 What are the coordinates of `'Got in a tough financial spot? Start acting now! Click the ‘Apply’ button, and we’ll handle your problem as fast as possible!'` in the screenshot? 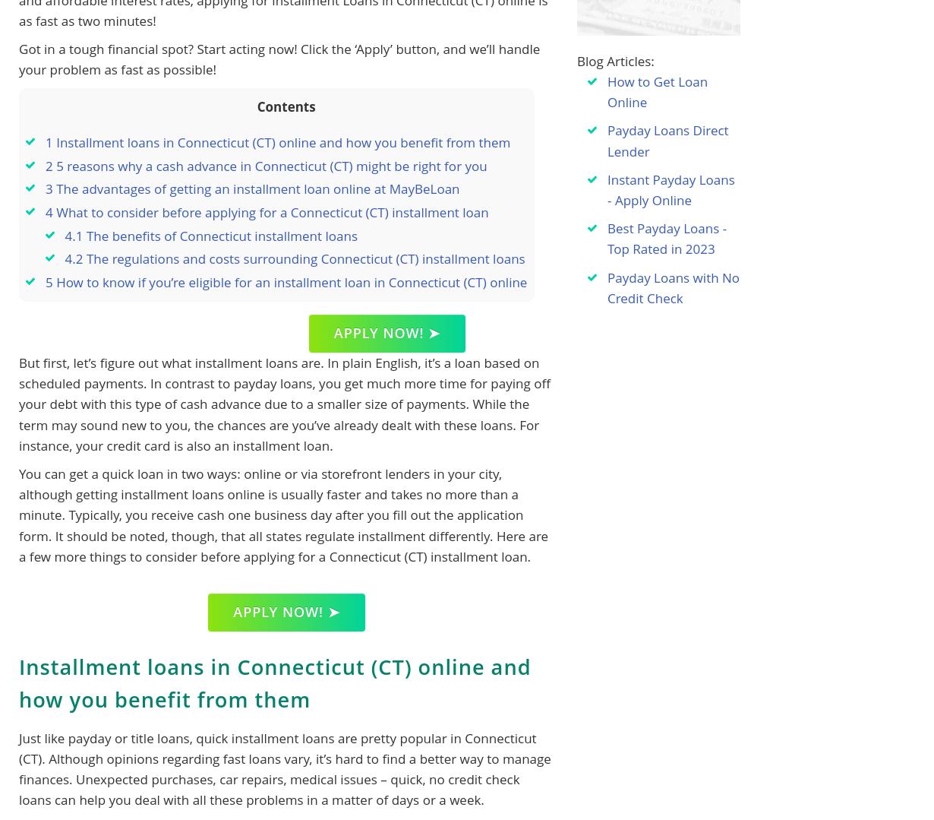 It's located at (279, 59).